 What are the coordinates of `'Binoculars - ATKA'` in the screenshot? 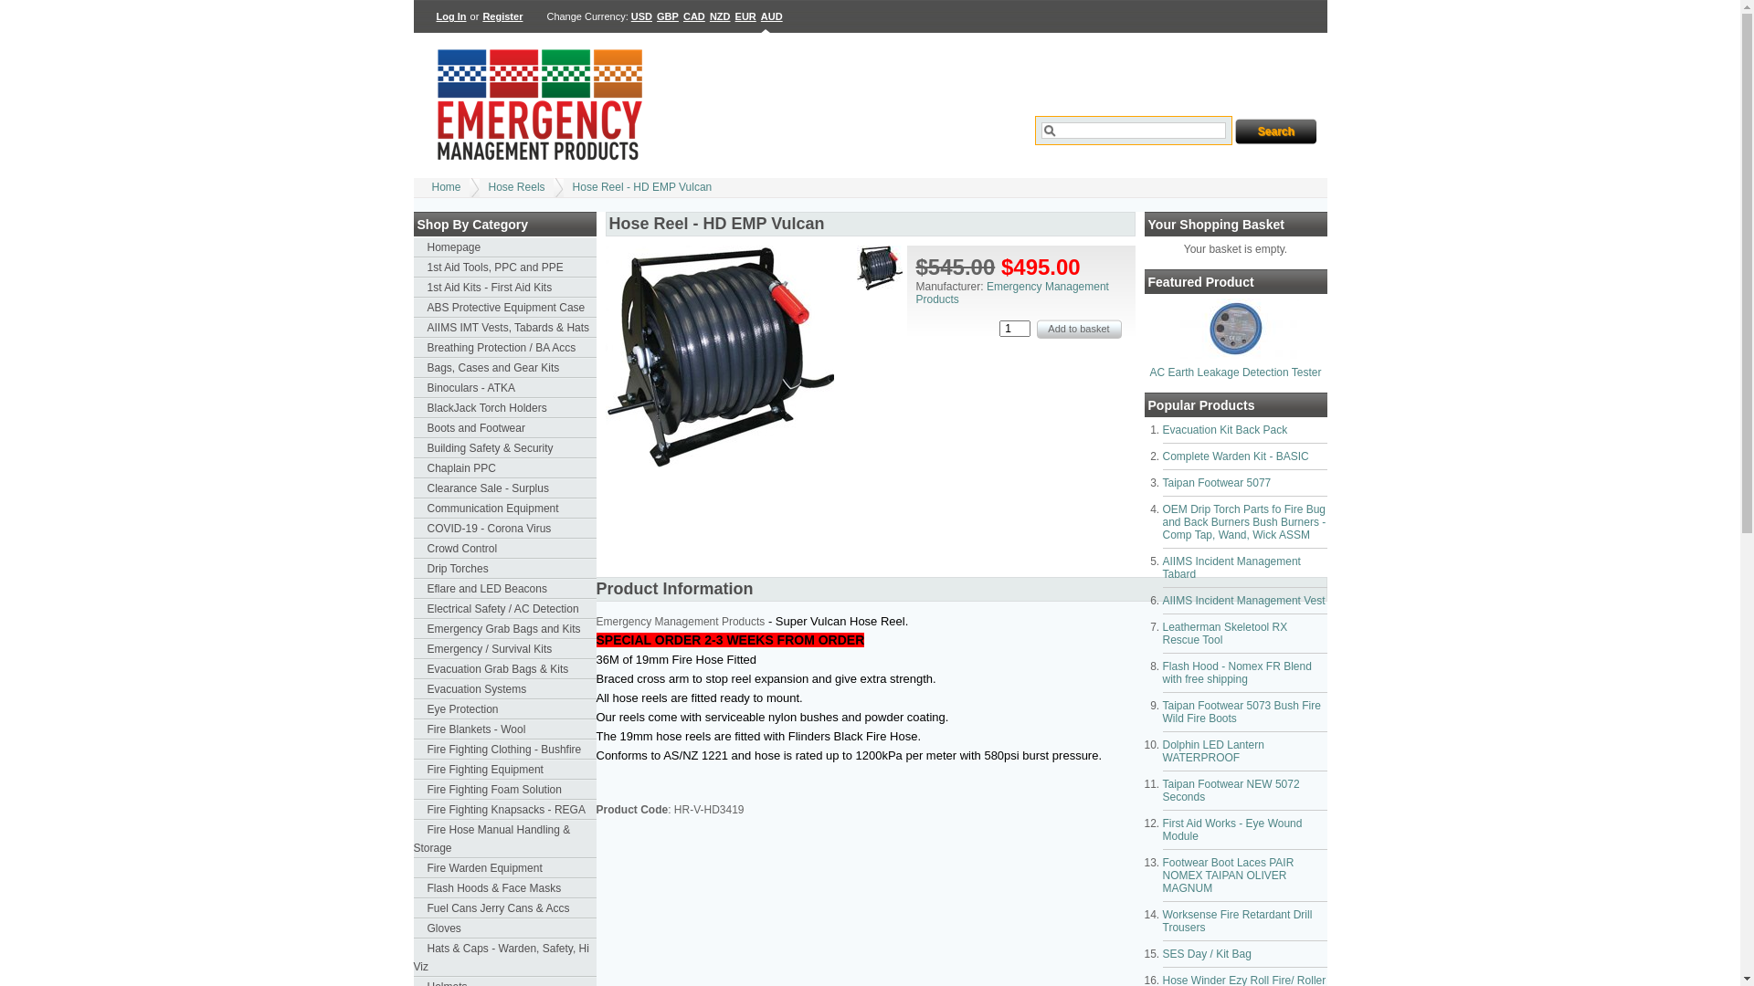 It's located at (504, 386).